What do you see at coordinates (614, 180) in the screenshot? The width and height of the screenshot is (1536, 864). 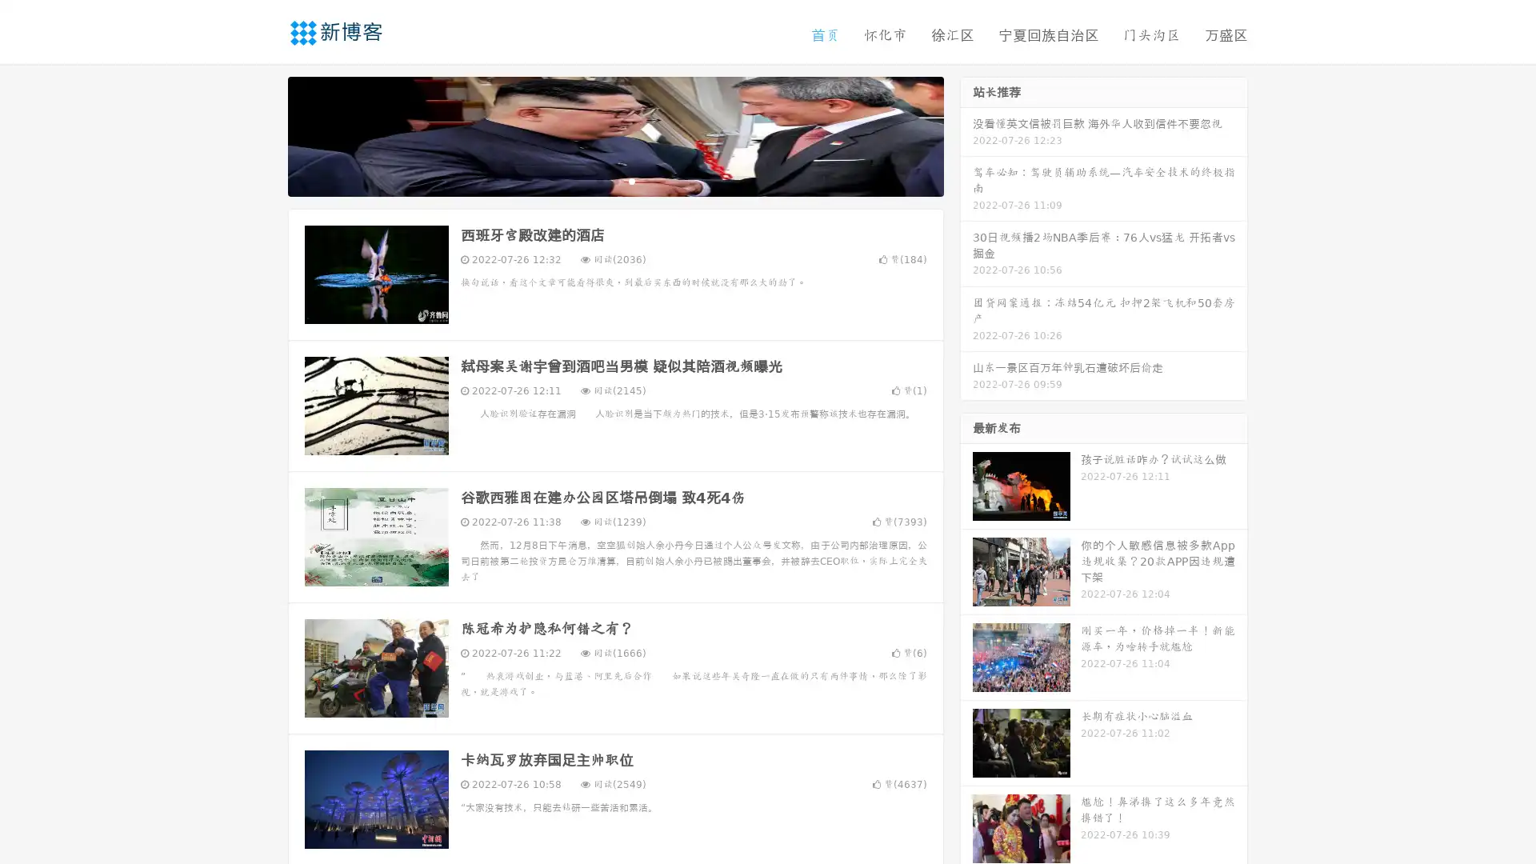 I see `Go to slide 2` at bounding box center [614, 180].